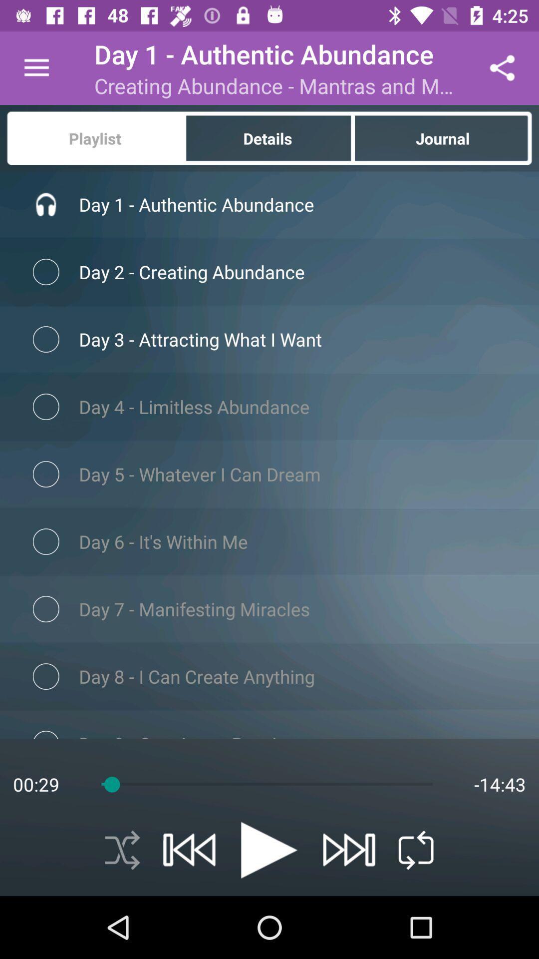  What do you see at coordinates (443, 137) in the screenshot?
I see `icon above the day 1 authentic` at bounding box center [443, 137].